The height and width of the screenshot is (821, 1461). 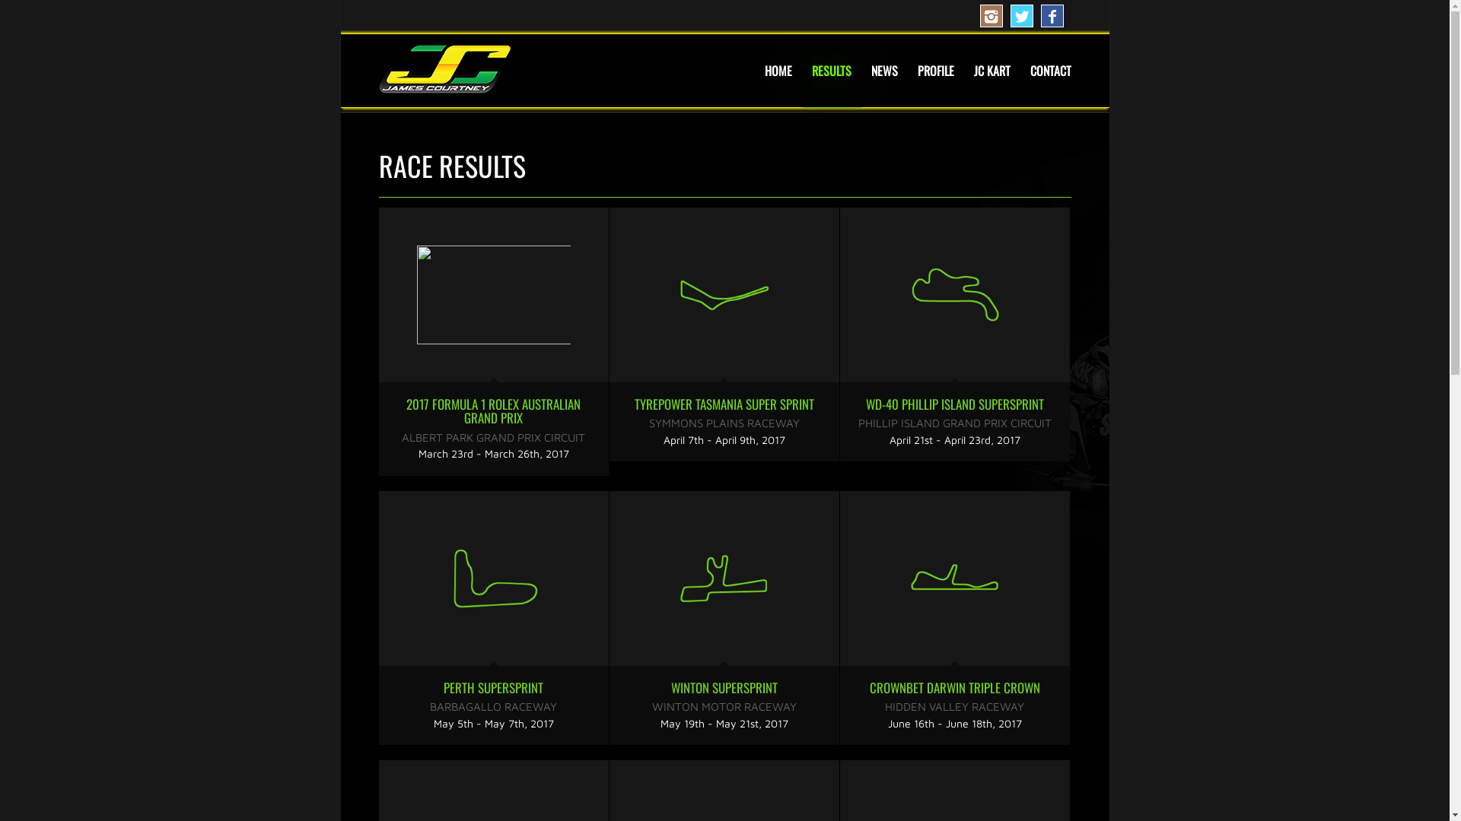 What do you see at coordinates (778, 70) in the screenshot?
I see `'HOME'` at bounding box center [778, 70].